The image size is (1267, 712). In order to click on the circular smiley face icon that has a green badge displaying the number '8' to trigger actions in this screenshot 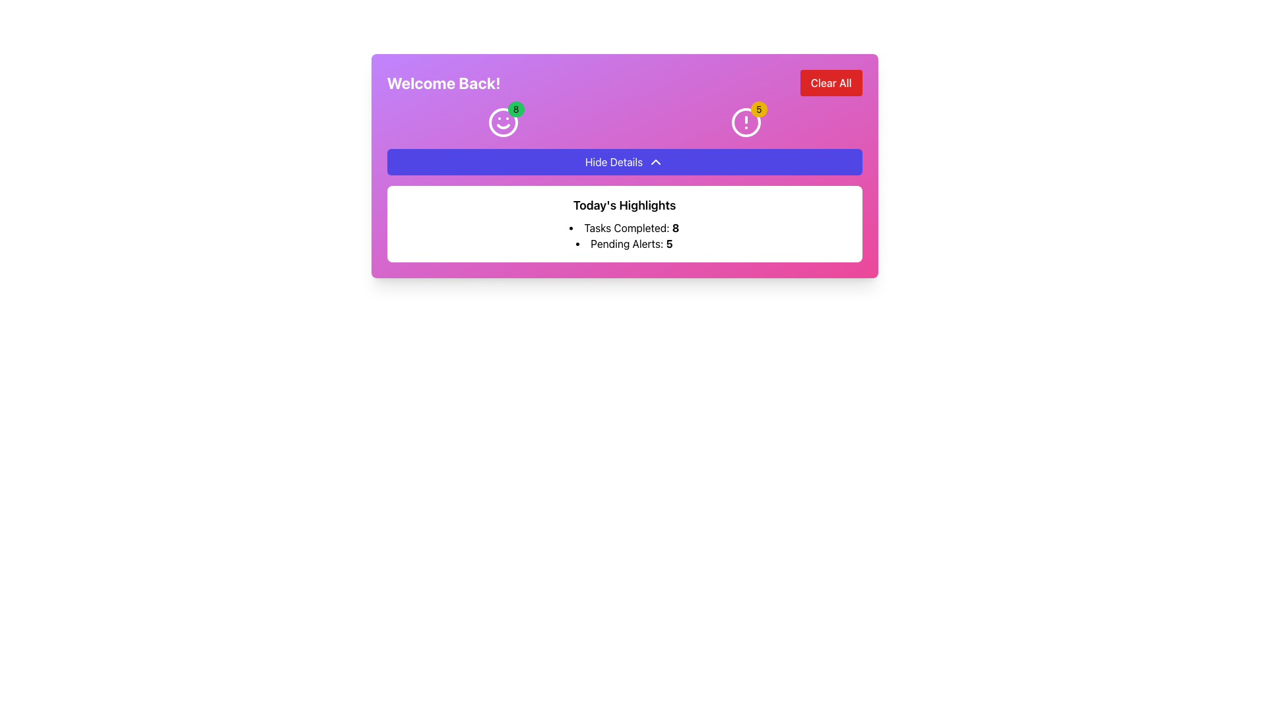, I will do `click(502, 122)`.